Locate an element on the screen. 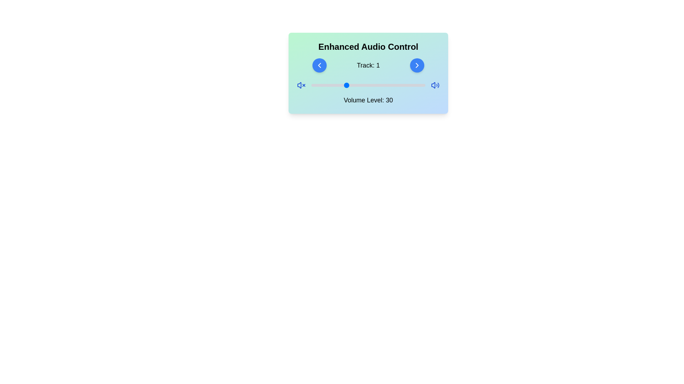 The height and width of the screenshot is (384, 684). the volume slider to set the volume to 88% is located at coordinates (411, 85).